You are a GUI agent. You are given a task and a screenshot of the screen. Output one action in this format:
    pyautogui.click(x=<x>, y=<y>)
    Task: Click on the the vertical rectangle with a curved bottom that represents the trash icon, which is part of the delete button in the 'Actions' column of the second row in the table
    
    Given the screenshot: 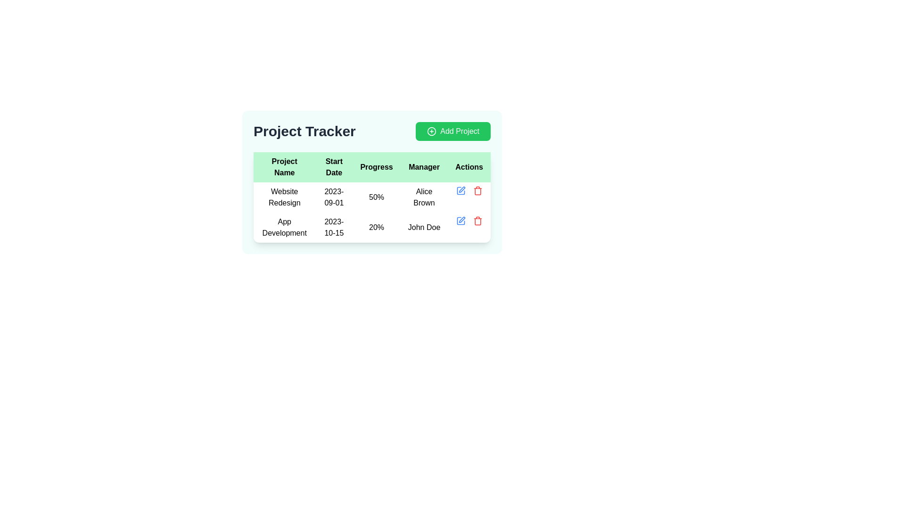 What is the action you would take?
    pyautogui.click(x=477, y=222)
    